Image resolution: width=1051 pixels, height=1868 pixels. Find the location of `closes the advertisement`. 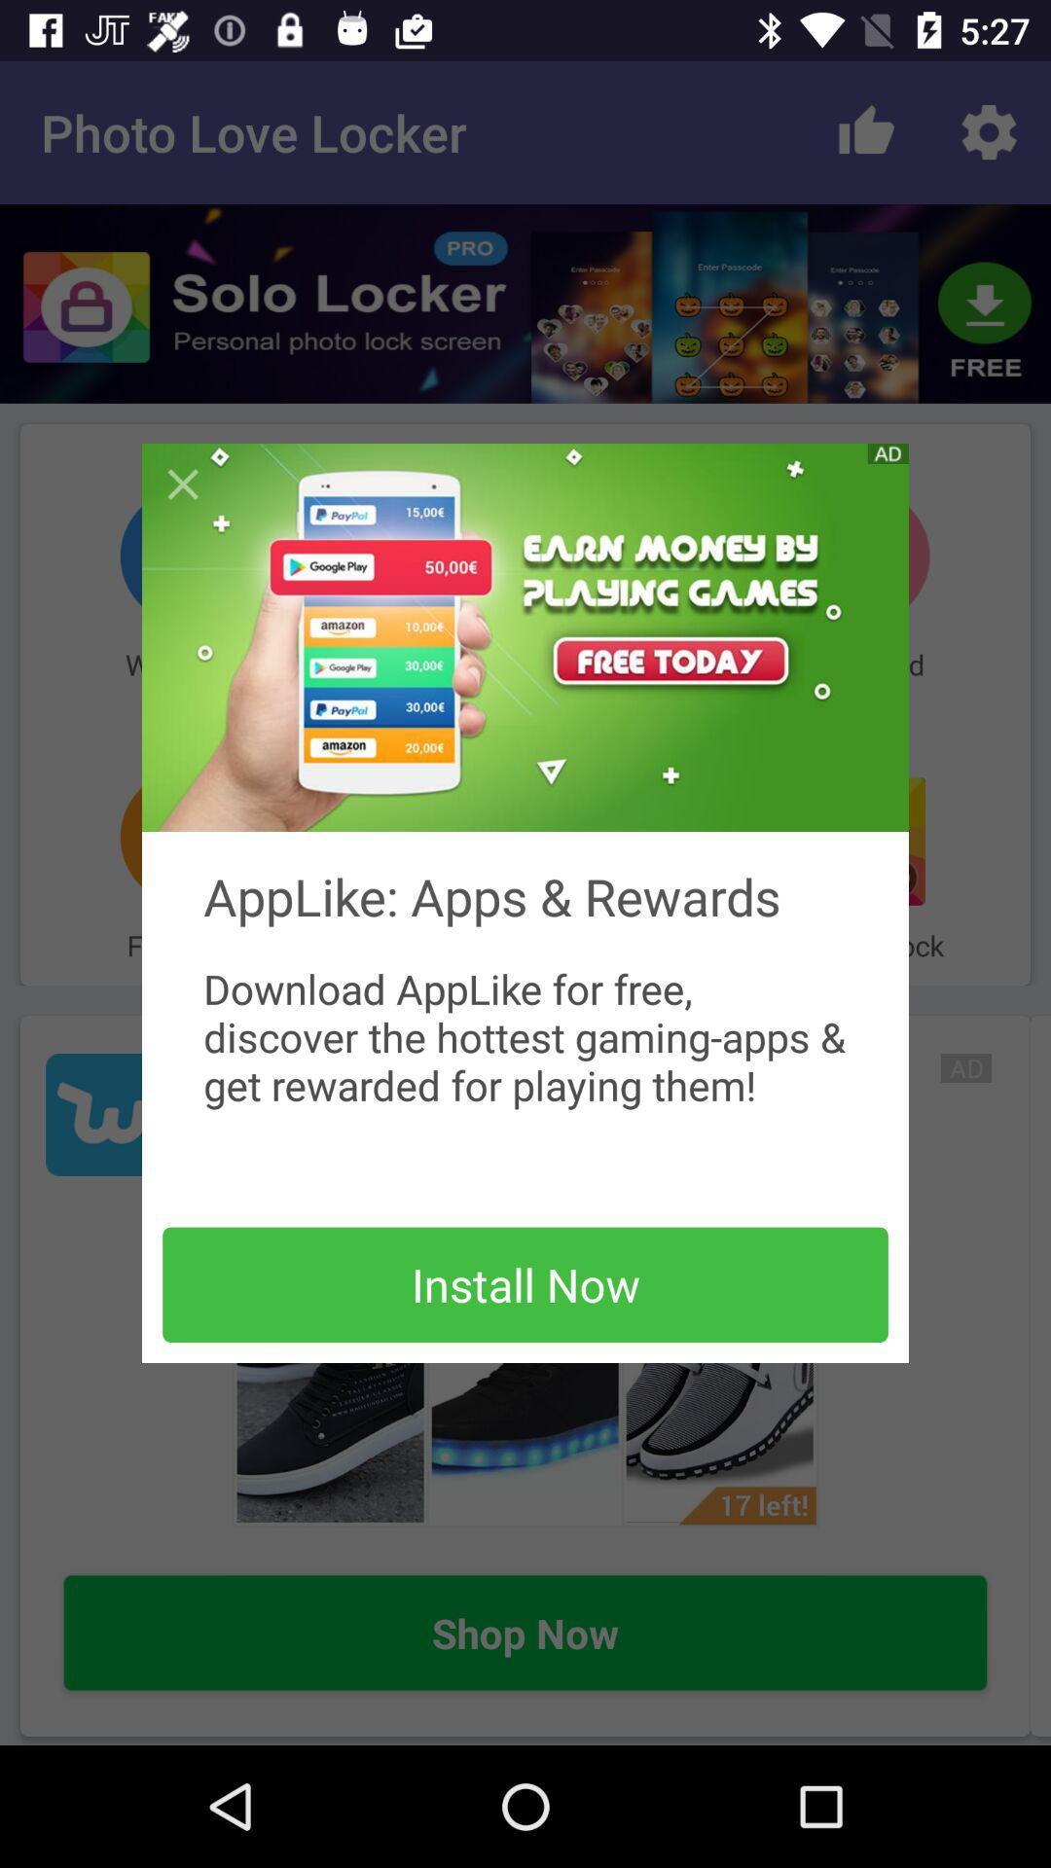

closes the advertisement is located at coordinates (183, 485).